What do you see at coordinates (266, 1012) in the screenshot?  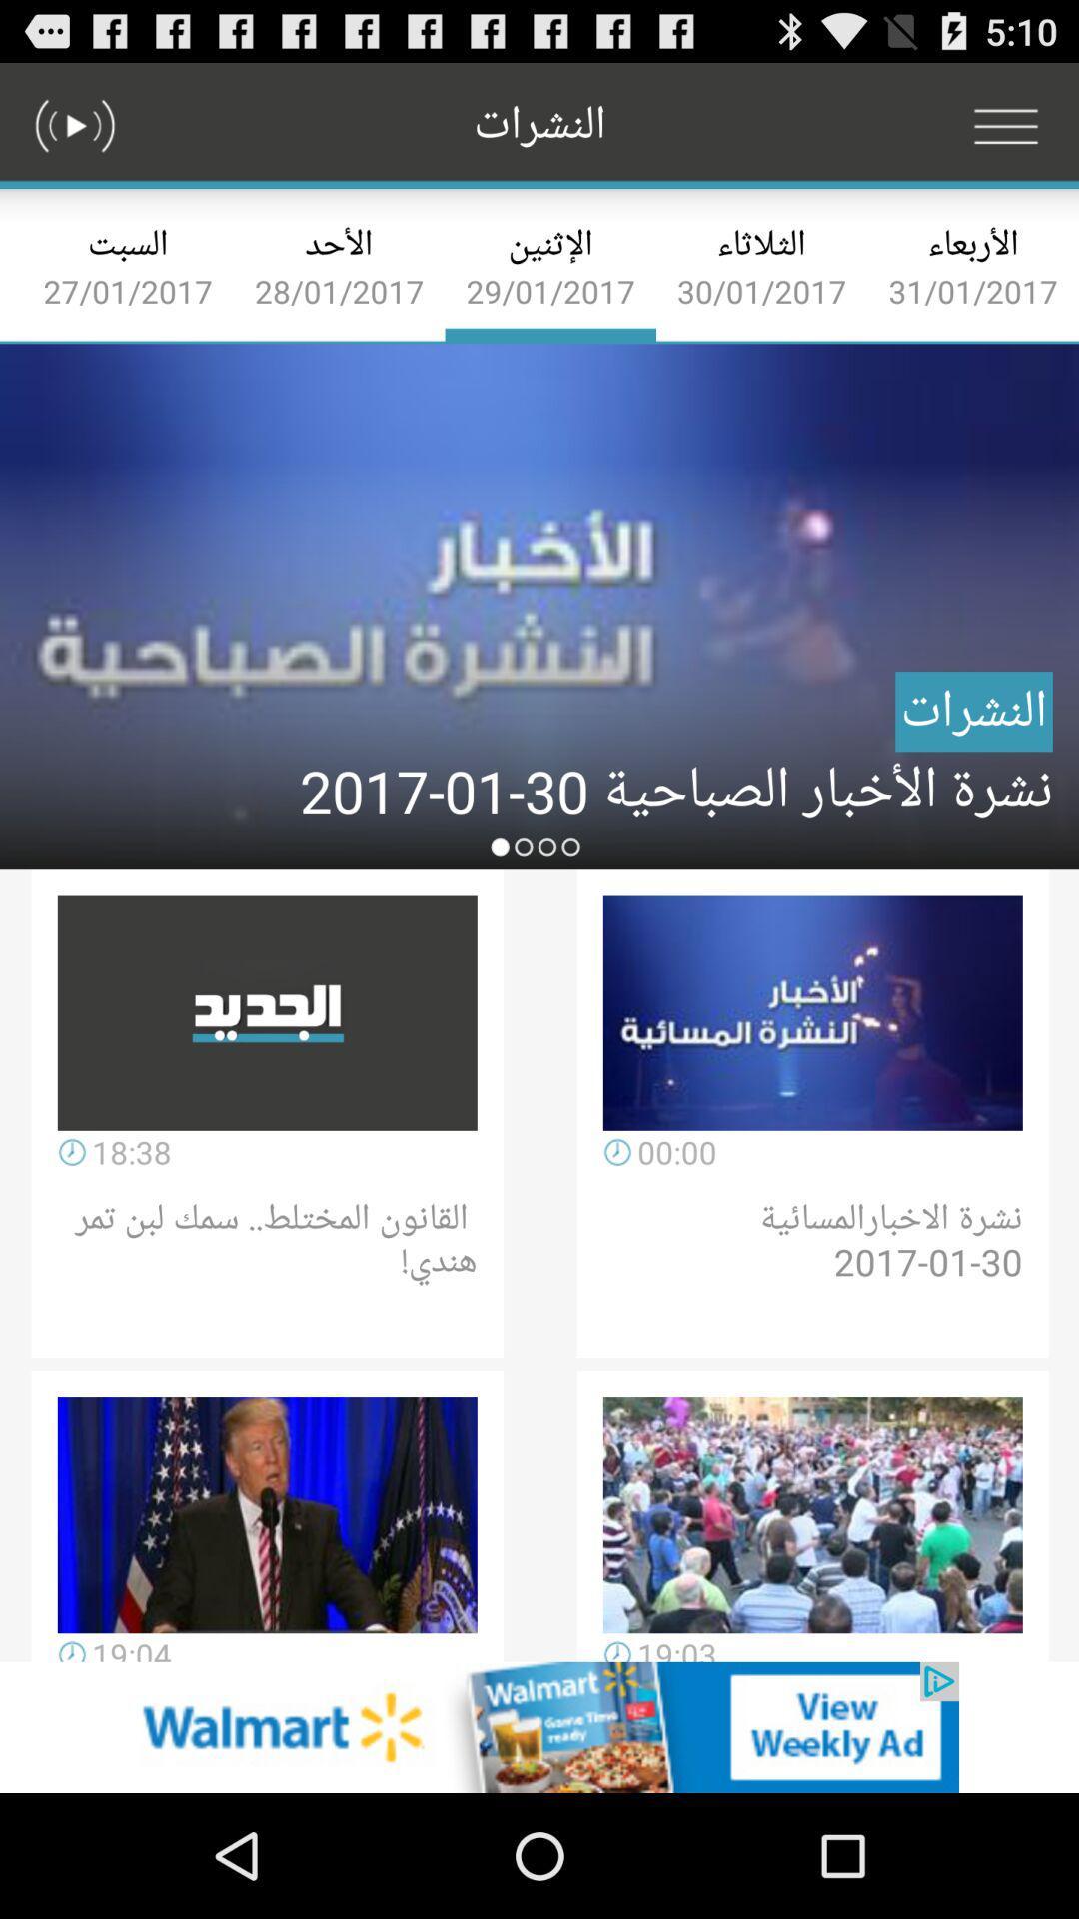 I see `the first  item under the image` at bounding box center [266, 1012].